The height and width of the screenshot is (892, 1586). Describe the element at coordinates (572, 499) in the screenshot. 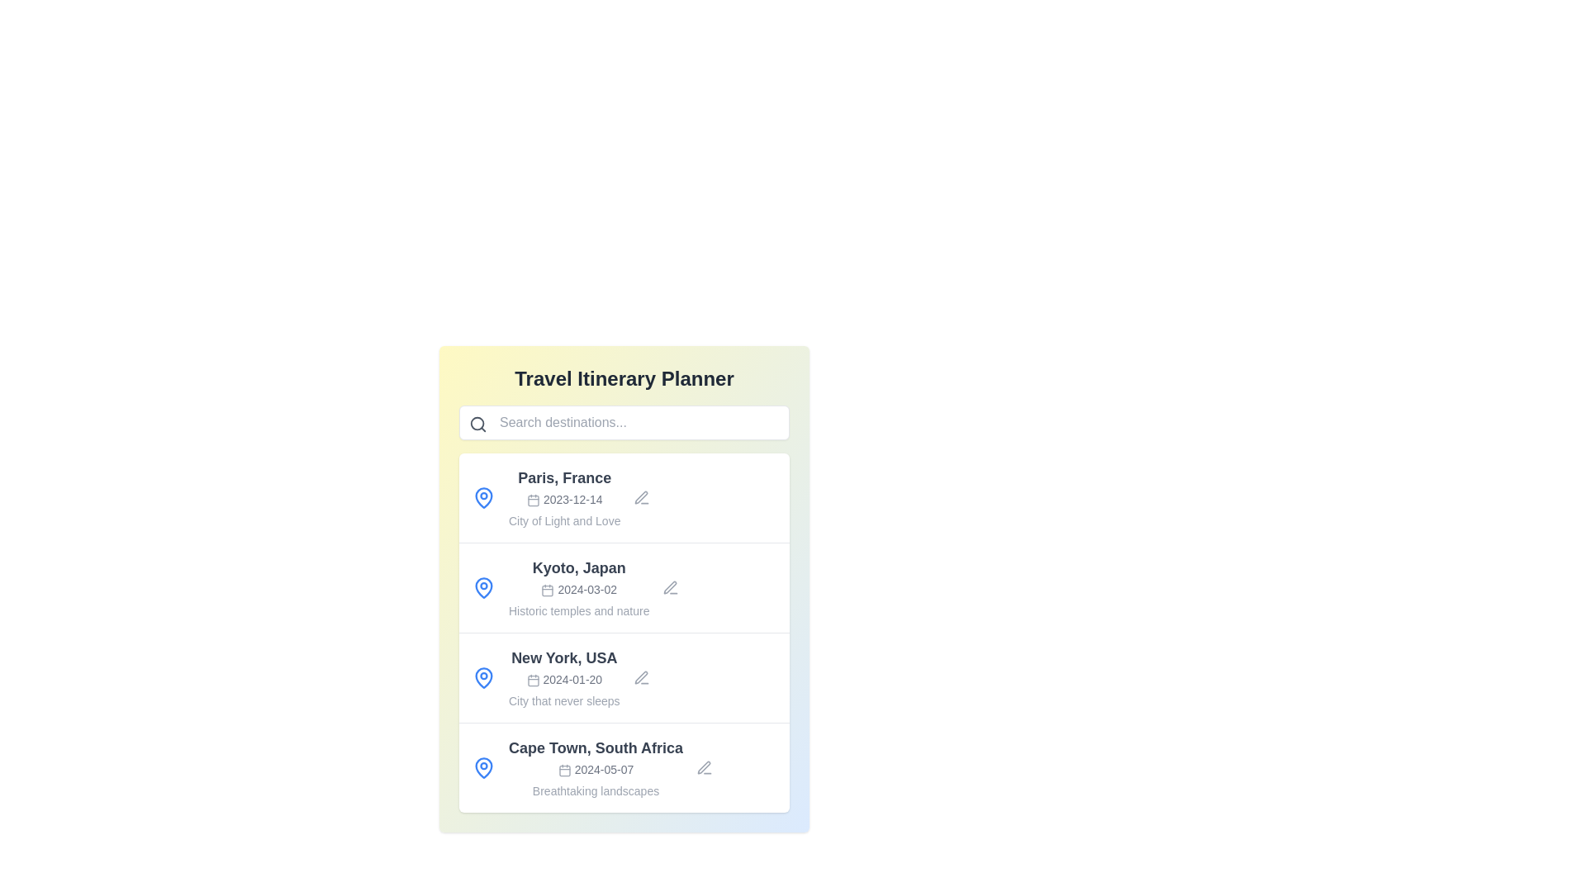

I see `the text label displaying '2023-12-14', which is located next to a calendar icon and beneath the title 'Paris, France'` at that location.